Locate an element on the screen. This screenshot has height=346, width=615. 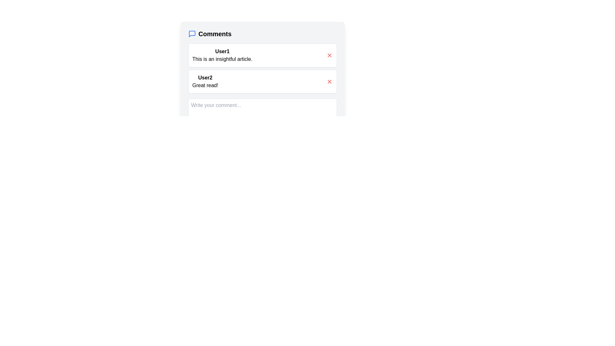
the Text Display Element containing the phrase 'This is an insightful article.' which is located in the comment section beneath the user name 'User1' is located at coordinates (222, 59).